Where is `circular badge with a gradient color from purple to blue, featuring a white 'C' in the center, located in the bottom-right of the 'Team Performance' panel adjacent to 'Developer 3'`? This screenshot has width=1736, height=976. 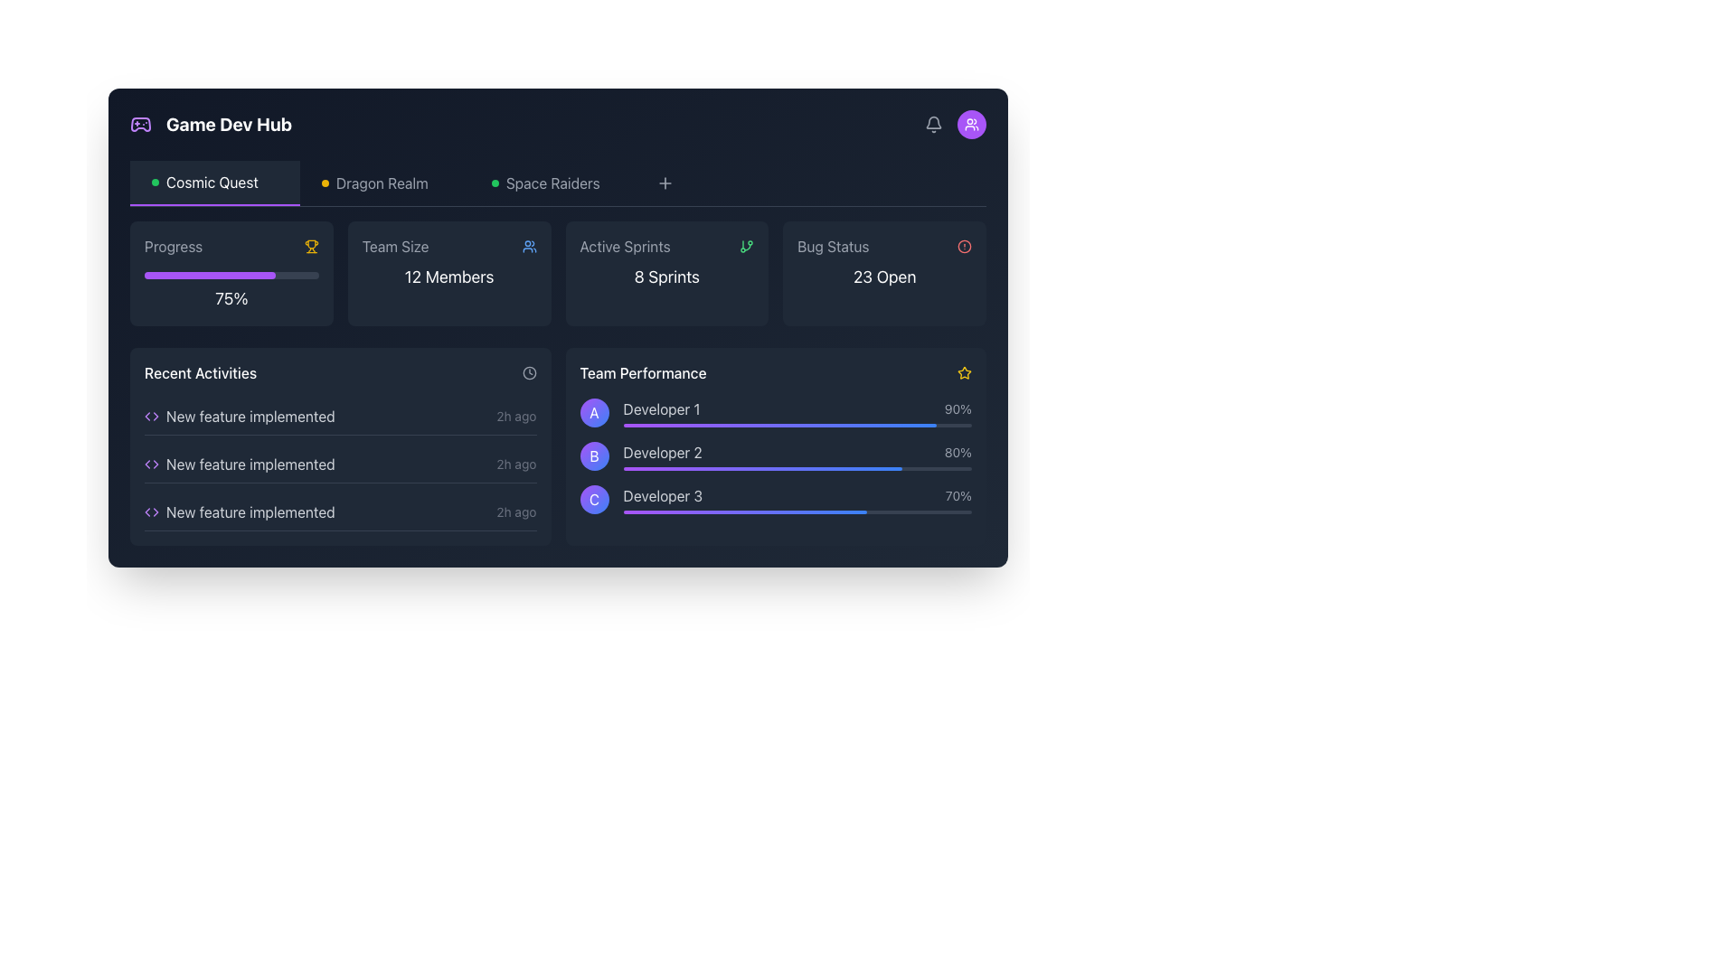
circular badge with a gradient color from purple to blue, featuring a white 'C' in the center, located in the bottom-right of the 'Team Performance' panel adjacent to 'Developer 3' is located at coordinates (594, 499).